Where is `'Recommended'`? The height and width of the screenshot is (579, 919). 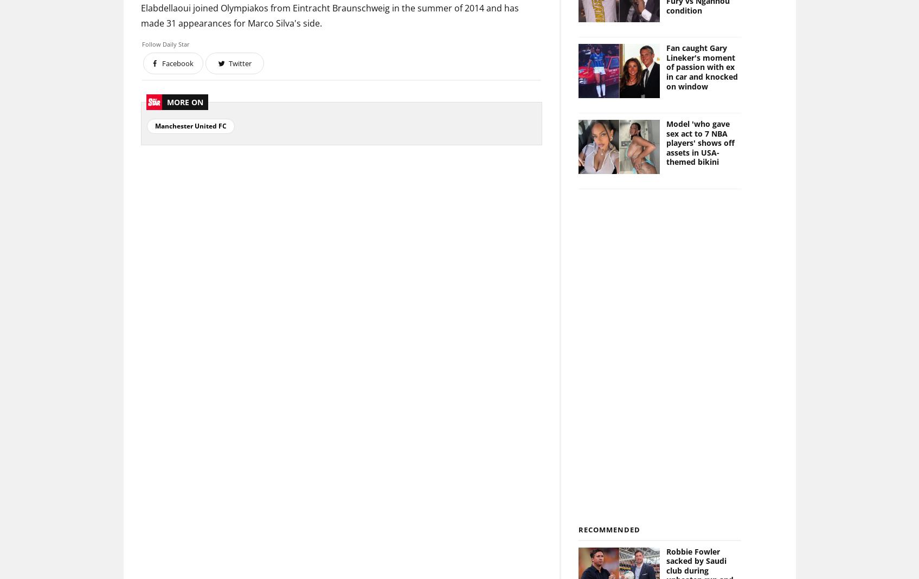
'Recommended' is located at coordinates (608, 529).